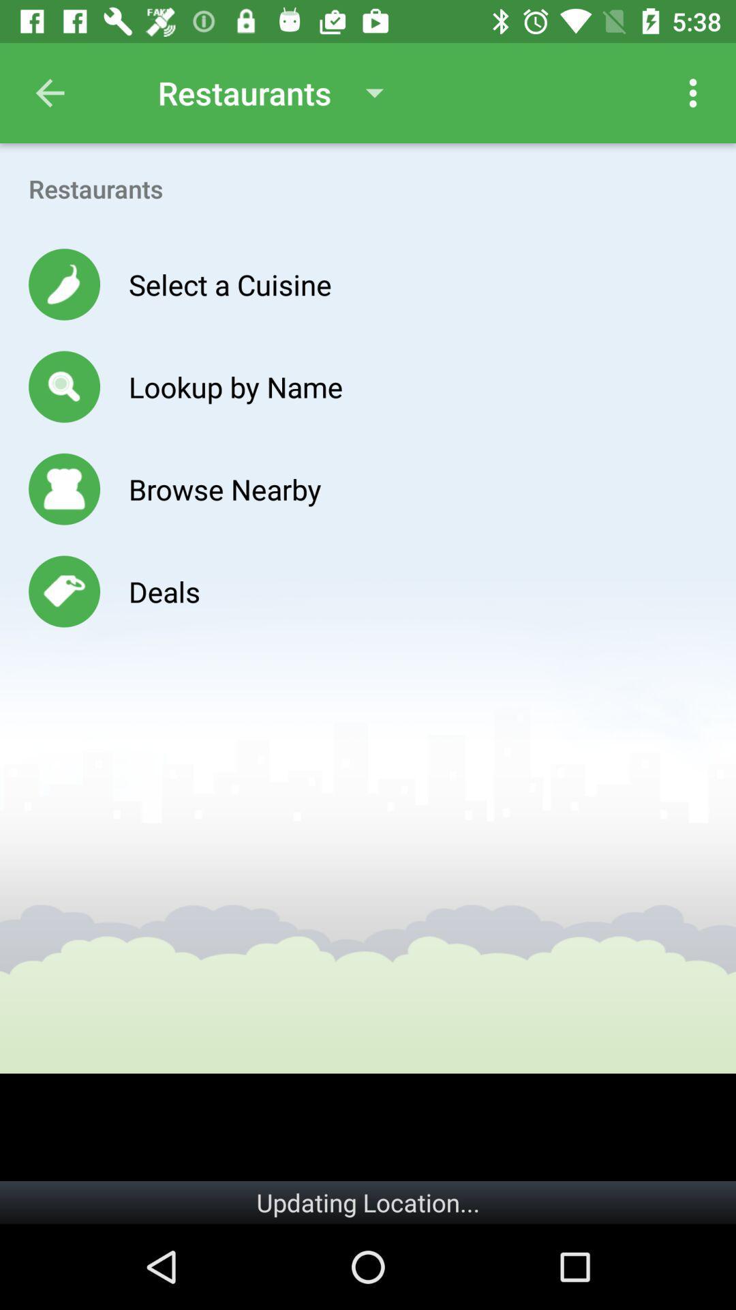  I want to click on the updating location... item, so click(368, 1202).